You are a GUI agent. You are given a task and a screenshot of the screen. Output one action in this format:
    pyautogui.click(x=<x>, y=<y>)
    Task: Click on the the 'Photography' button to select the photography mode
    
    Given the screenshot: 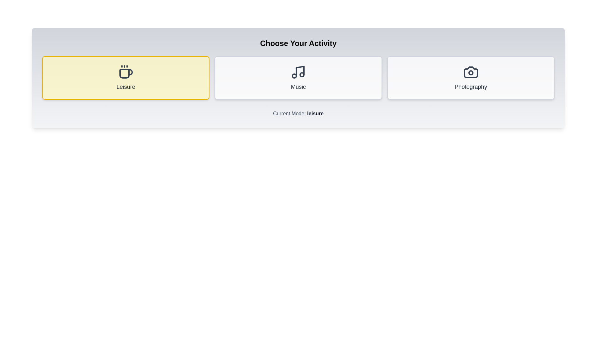 What is the action you would take?
    pyautogui.click(x=470, y=77)
    